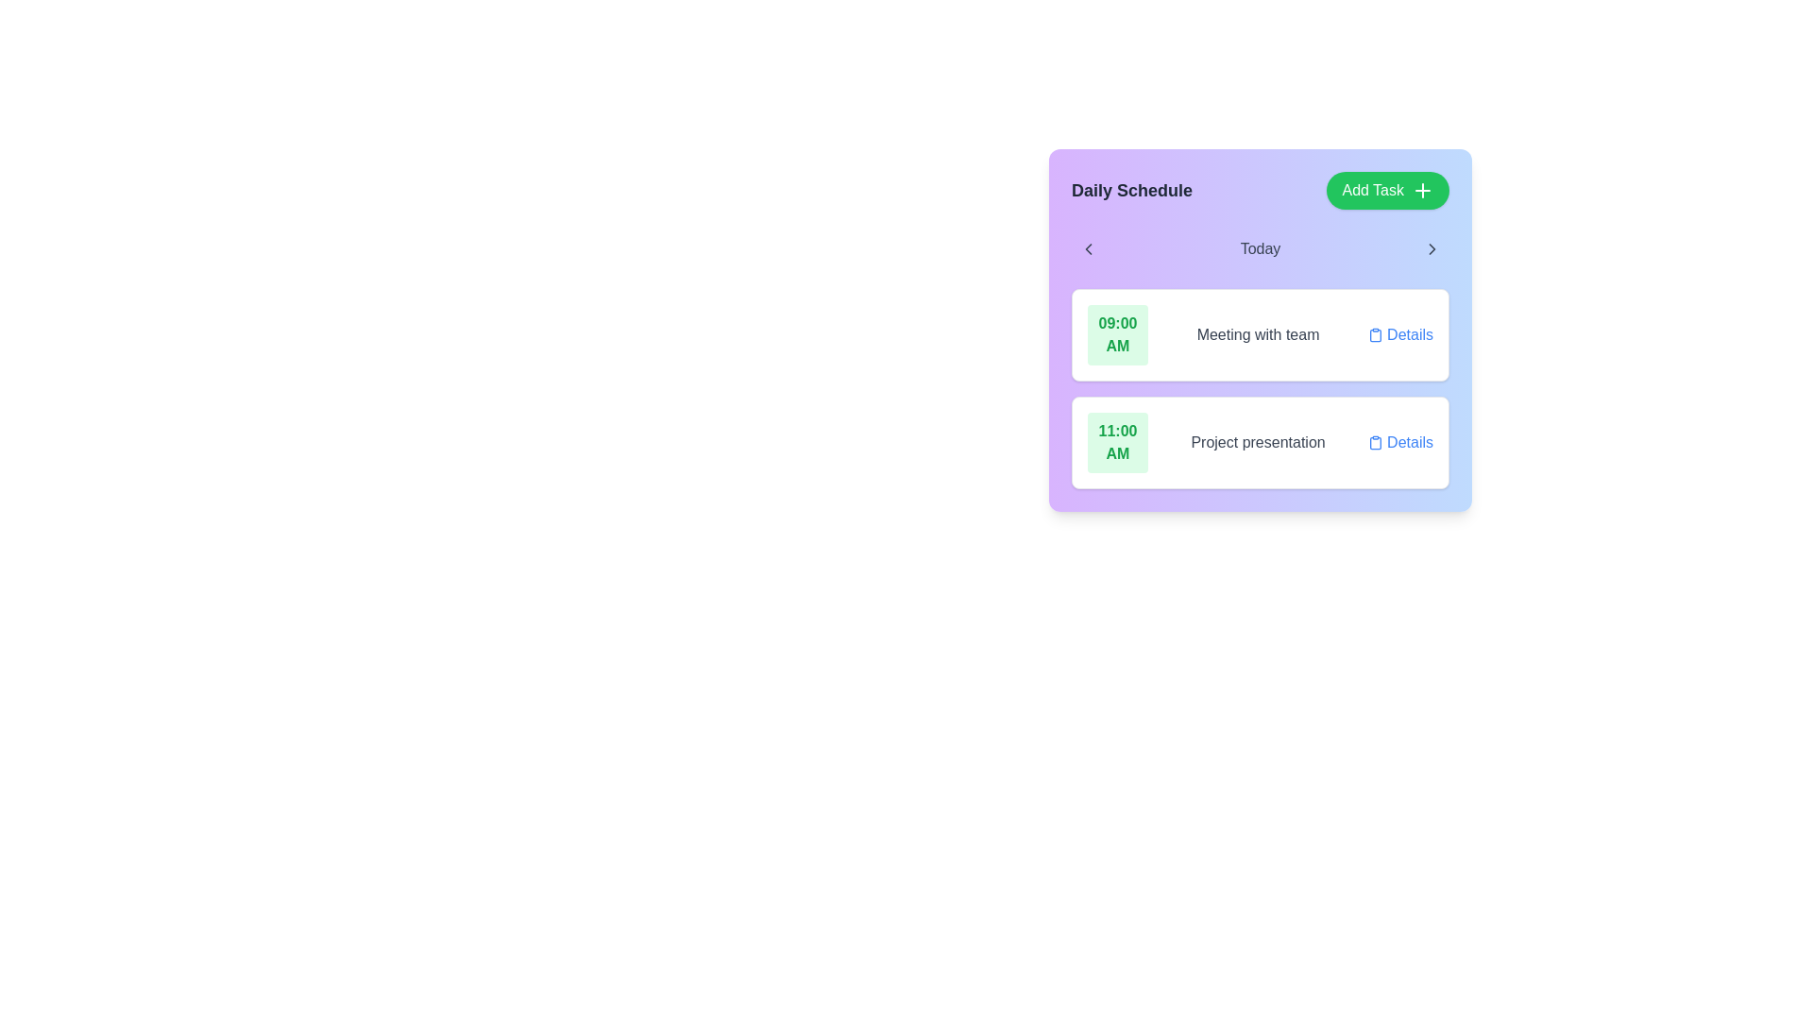  What do you see at coordinates (1118, 333) in the screenshot?
I see `the informative label displaying the schedule time to interact with a related feature` at bounding box center [1118, 333].